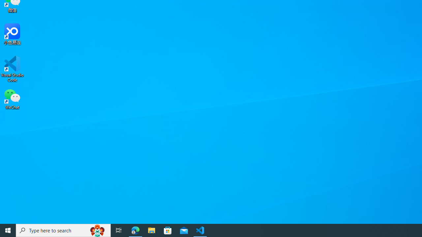  What do you see at coordinates (63, 230) in the screenshot?
I see `'Type here to search'` at bounding box center [63, 230].